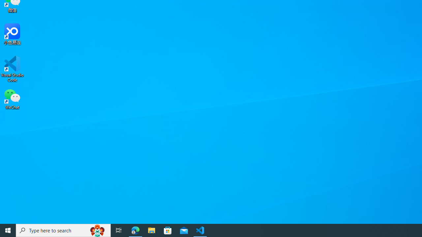  What do you see at coordinates (63, 230) in the screenshot?
I see `'Type here to search'` at bounding box center [63, 230].